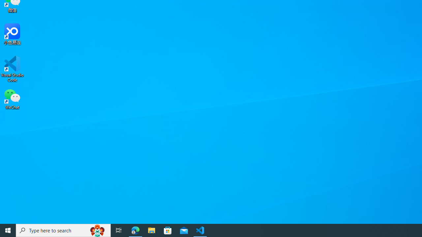  What do you see at coordinates (63, 230) in the screenshot?
I see `'Type here to search'` at bounding box center [63, 230].